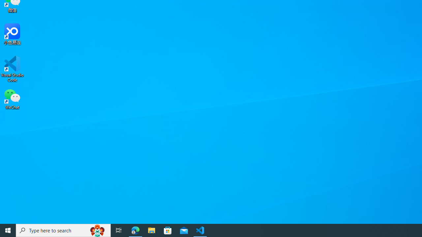  What do you see at coordinates (63, 230) in the screenshot?
I see `'Type here to search'` at bounding box center [63, 230].